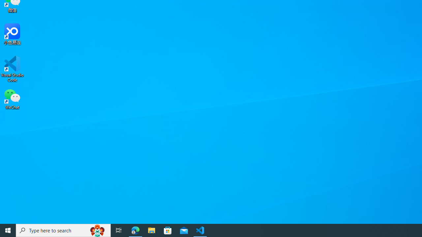  What do you see at coordinates (63, 230) in the screenshot?
I see `'Type here to search'` at bounding box center [63, 230].